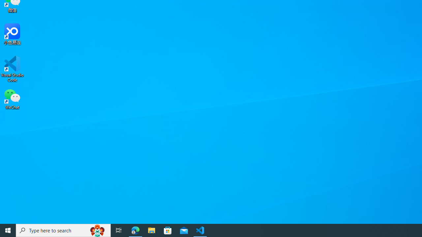  What do you see at coordinates (63, 230) in the screenshot?
I see `'Type here to search'` at bounding box center [63, 230].